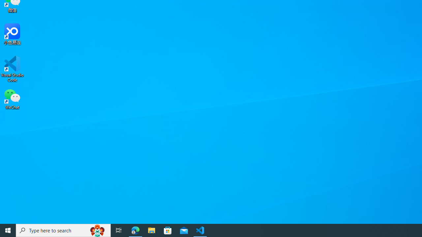  What do you see at coordinates (63, 230) in the screenshot?
I see `'Type here to search'` at bounding box center [63, 230].